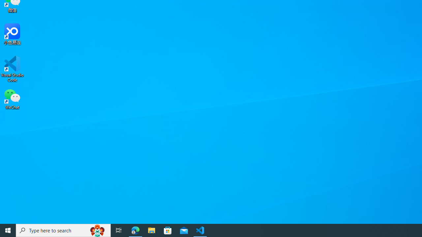  What do you see at coordinates (63, 230) in the screenshot?
I see `'Type here to search'` at bounding box center [63, 230].